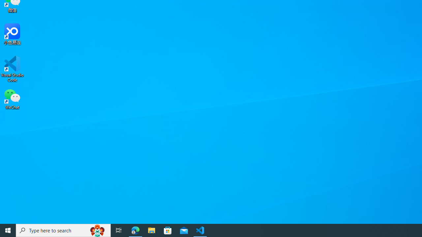  What do you see at coordinates (63, 230) in the screenshot?
I see `'Type here to search'` at bounding box center [63, 230].